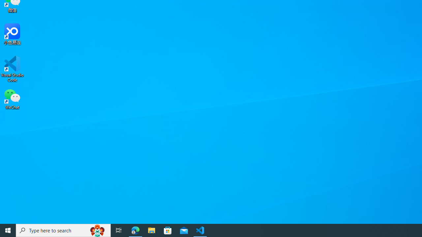  What do you see at coordinates (63, 230) in the screenshot?
I see `'Type here to search'` at bounding box center [63, 230].